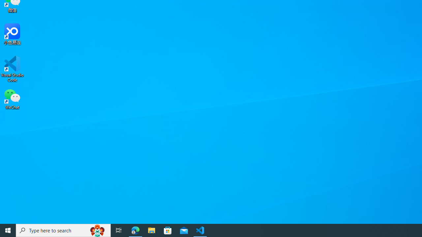  What do you see at coordinates (63, 230) in the screenshot?
I see `'Type here to search'` at bounding box center [63, 230].